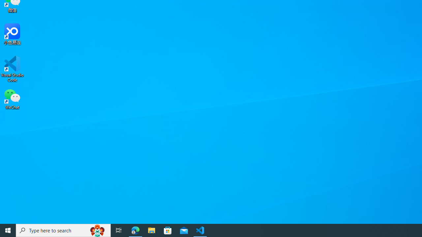  What do you see at coordinates (63, 230) in the screenshot?
I see `'Type here to search'` at bounding box center [63, 230].